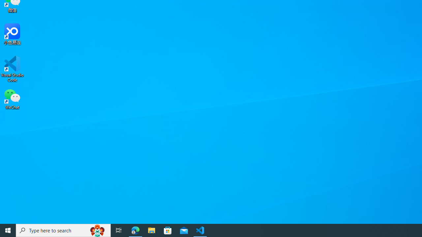  What do you see at coordinates (63, 230) in the screenshot?
I see `'Type here to search'` at bounding box center [63, 230].